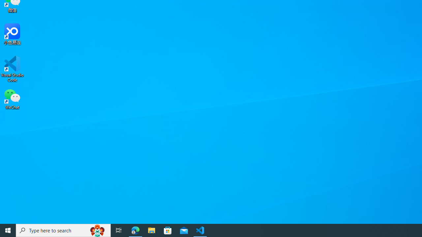  What do you see at coordinates (63, 230) in the screenshot?
I see `'Type here to search'` at bounding box center [63, 230].